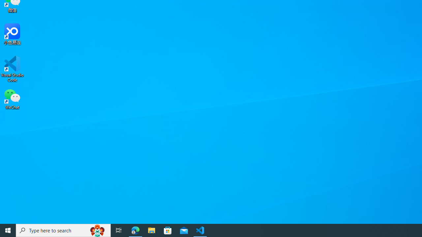  What do you see at coordinates (63, 230) in the screenshot?
I see `'Type here to search'` at bounding box center [63, 230].